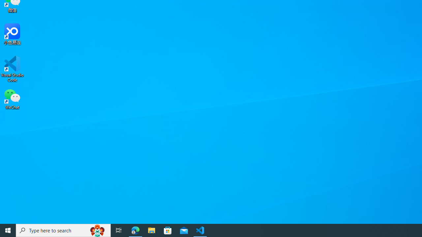  What do you see at coordinates (63, 230) in the screenshot?
I see `'Type here to search'` at bounding box center [63, 230].